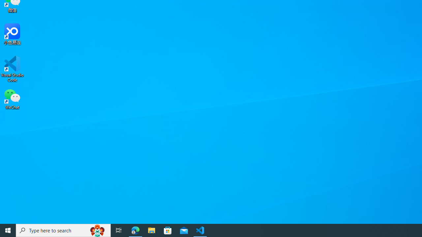  What do you see at coordinates (63, 230) in the screenshot?
I see `'Type here to search'` at bounding box center [63, 230].